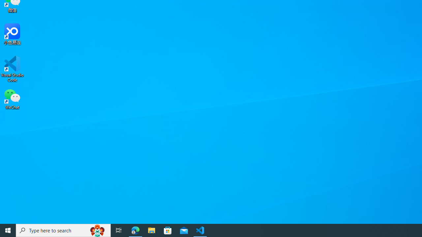  What do you see at coordinates (63, 230) in the screenshot?
I see `'Type here to search'` at bounding box center [63, 230].